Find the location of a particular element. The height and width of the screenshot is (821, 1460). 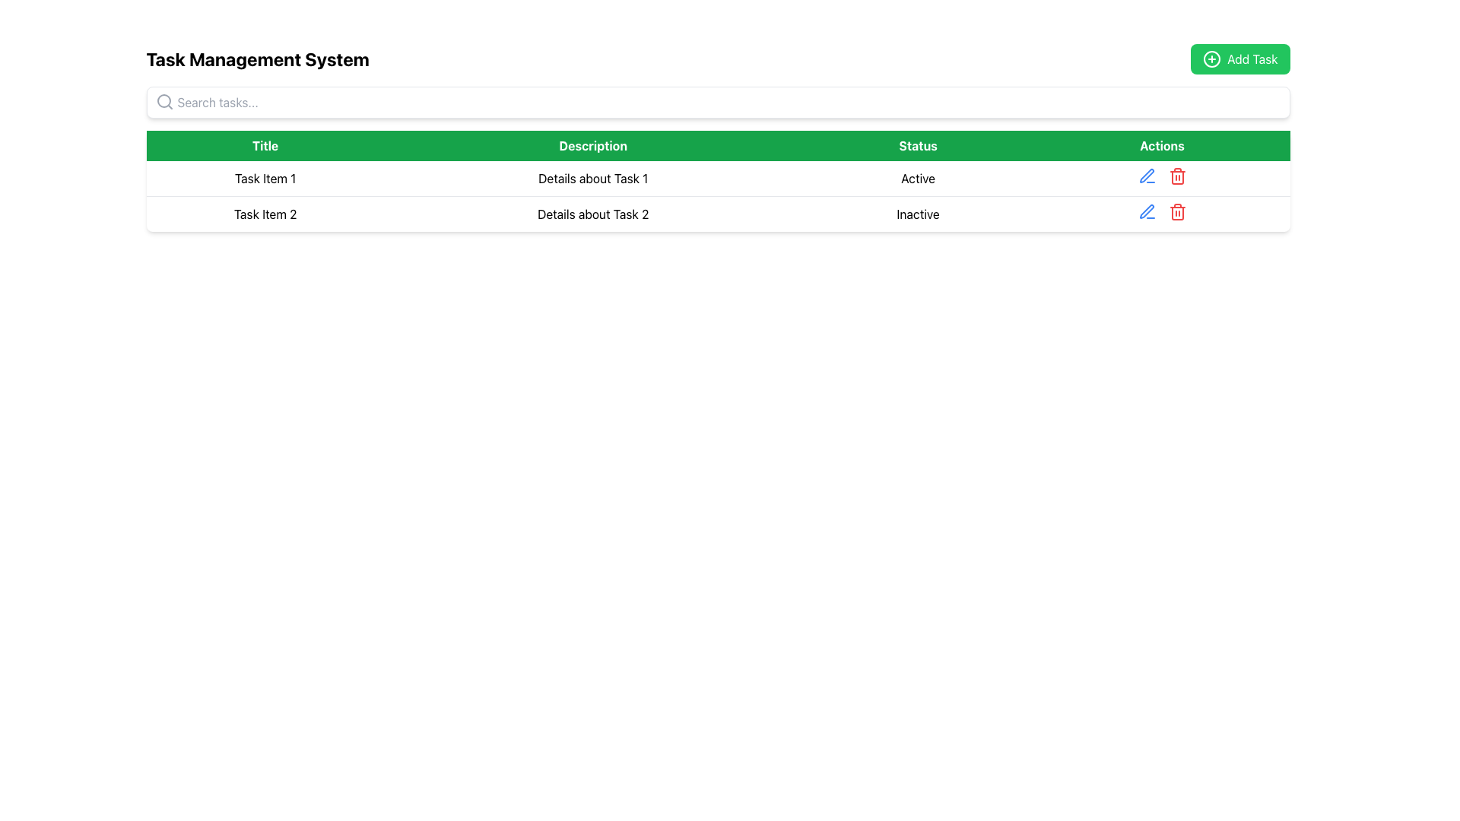

text label displaying additional descriptive information about 'Task 2' located in the second row under the 'Description' column of the structured table is located at coordinates (592, 214).